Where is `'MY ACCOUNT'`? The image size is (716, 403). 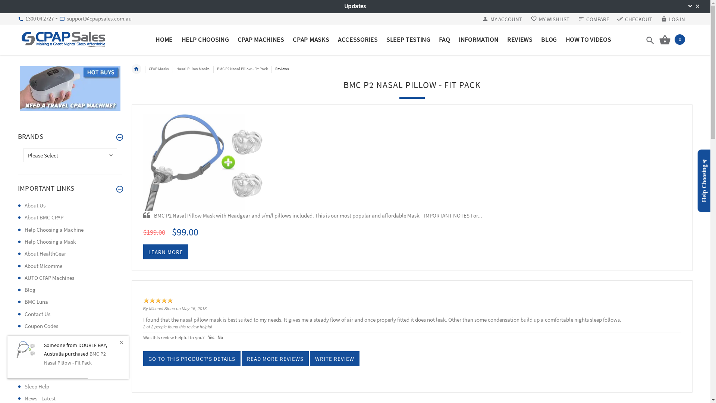 'MY ACCOUNT' is located at coordinates (502, 19).